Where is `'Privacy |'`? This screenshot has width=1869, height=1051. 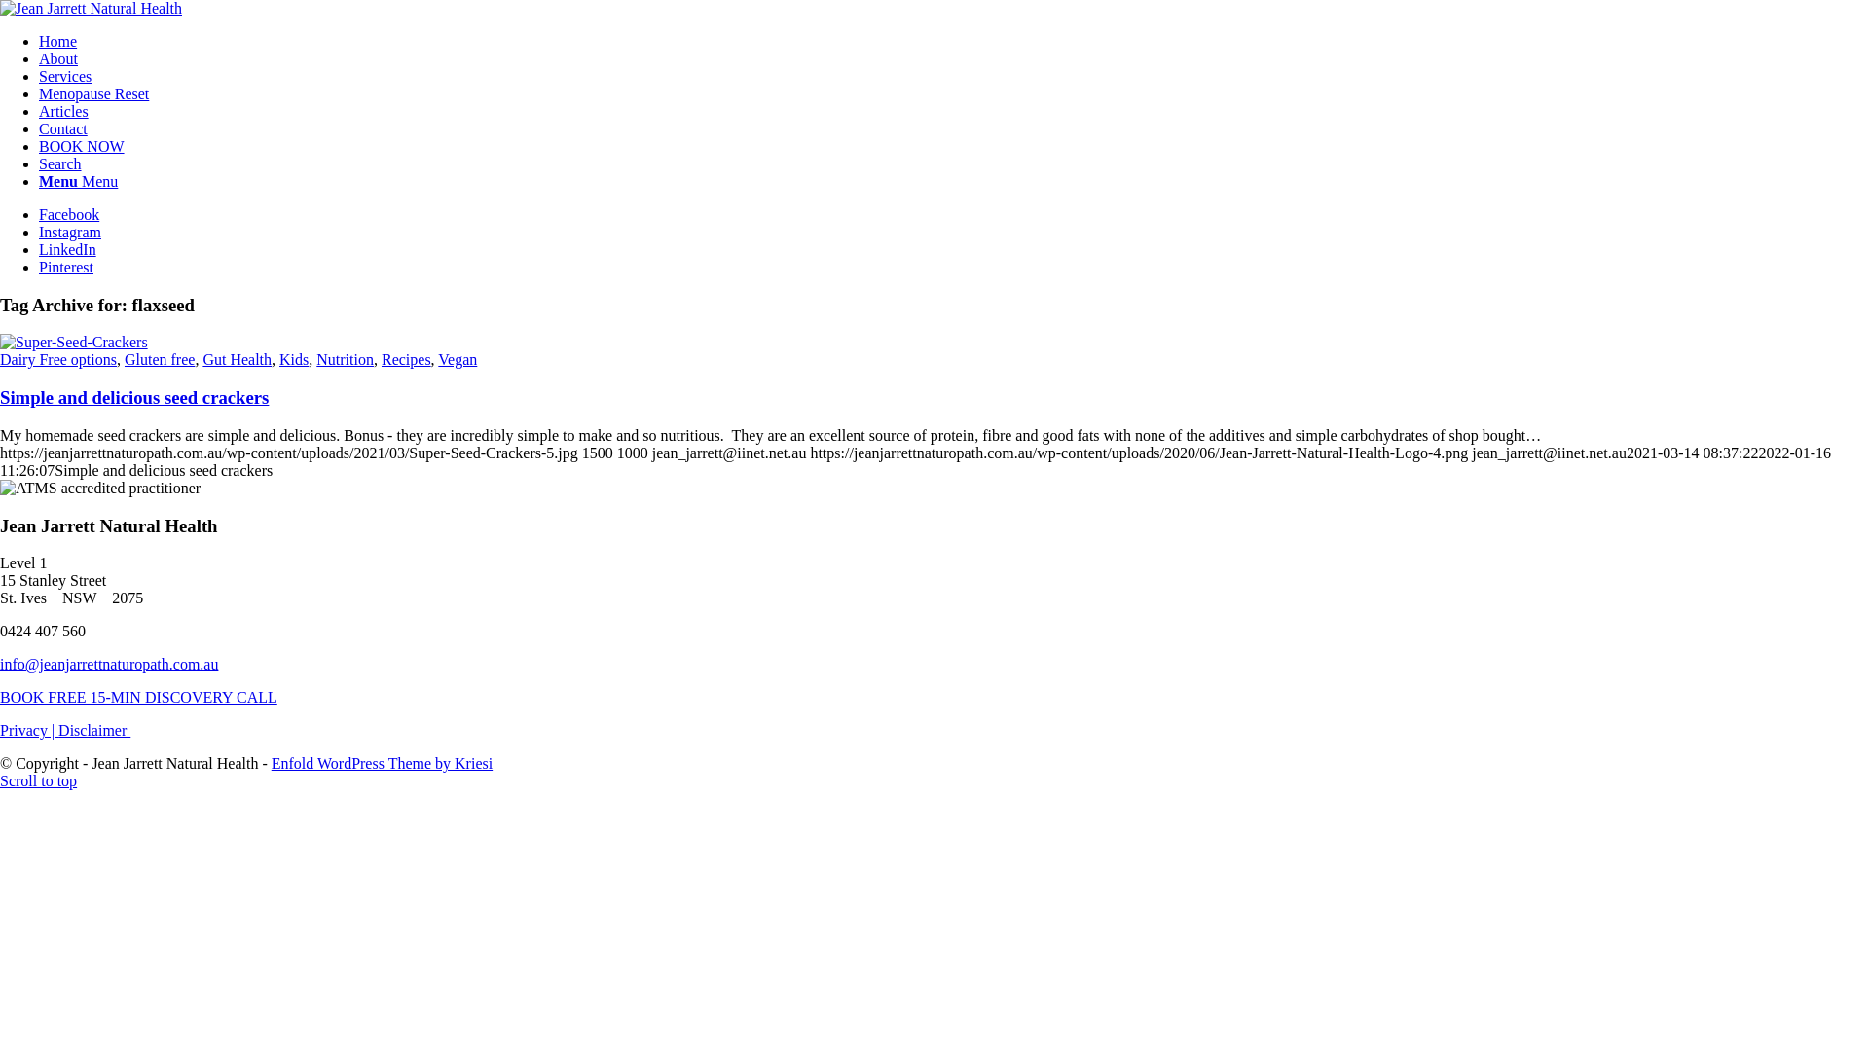 'Privacy |' is located at coordinates (28, 730).